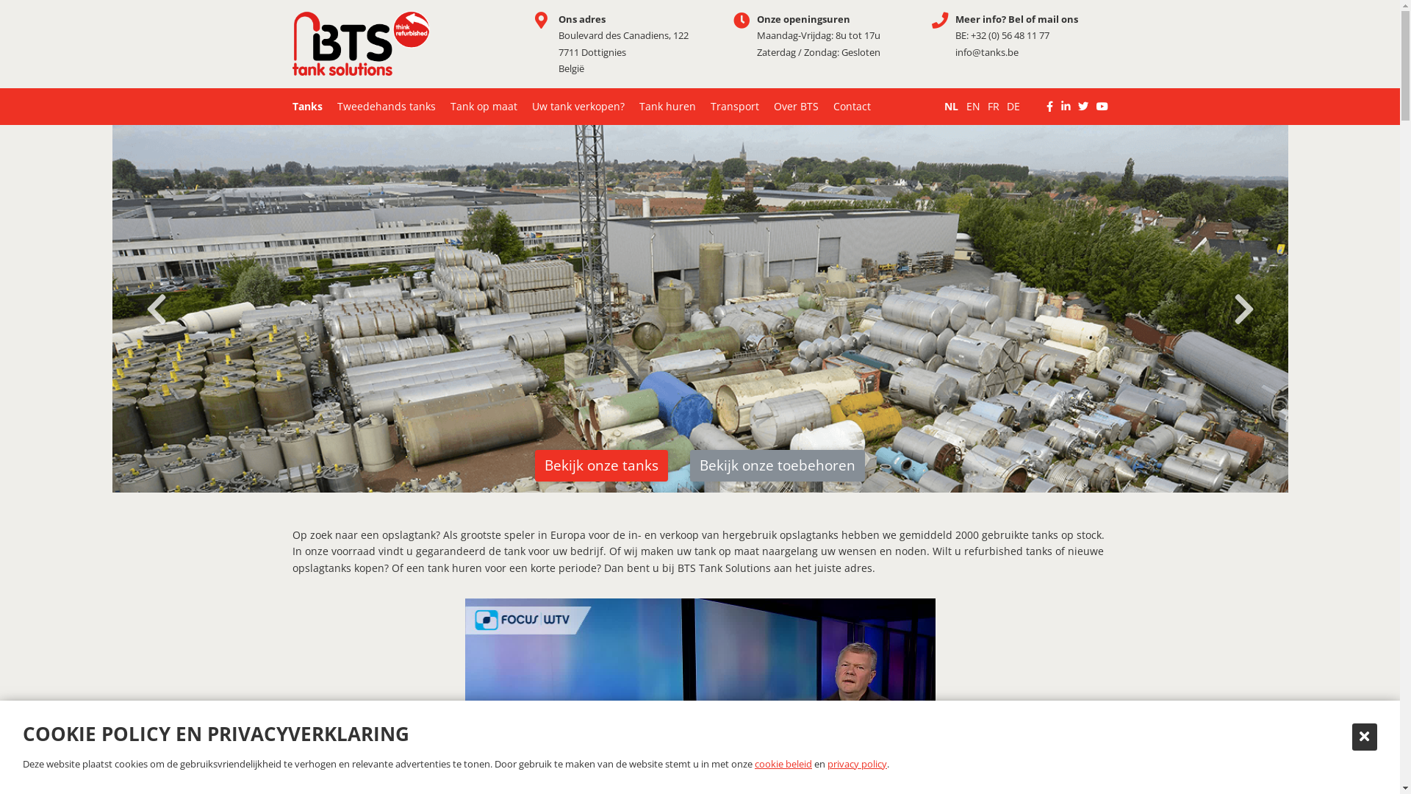 Image resolution: width=1411 pixels, height=794 pixels. Describe the element at coordinates (385, 106) in the screenshot. I see `'Tweedehands tanks'` at that location.